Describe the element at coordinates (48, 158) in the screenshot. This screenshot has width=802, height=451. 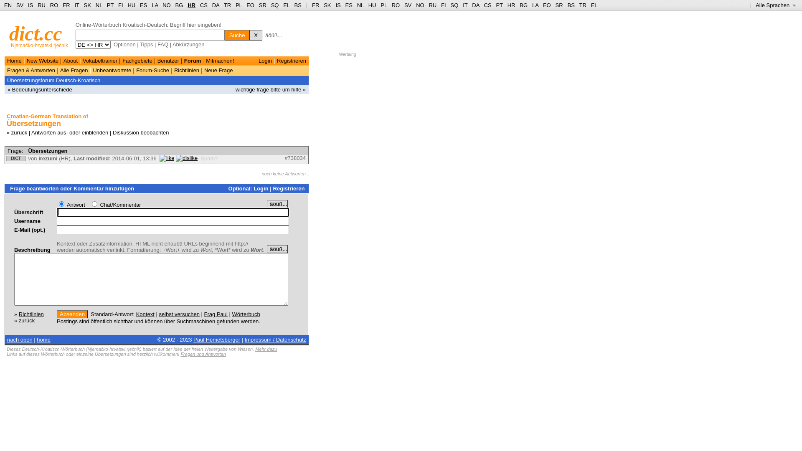
I see `'irezumi'` at that location.